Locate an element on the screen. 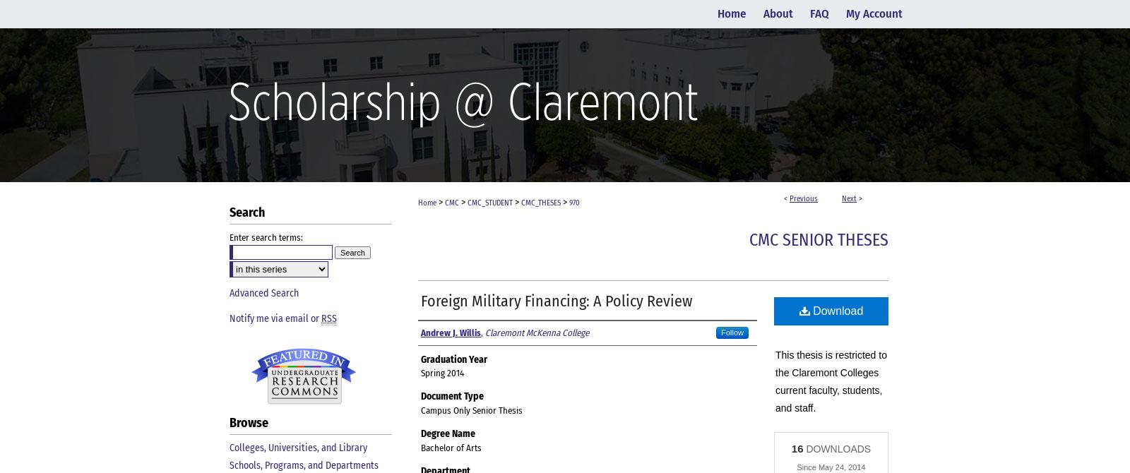  'Search' is located at coordinates (247, 212).